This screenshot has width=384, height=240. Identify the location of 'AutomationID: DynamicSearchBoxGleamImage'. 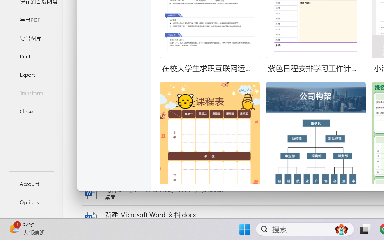
(341, 229).